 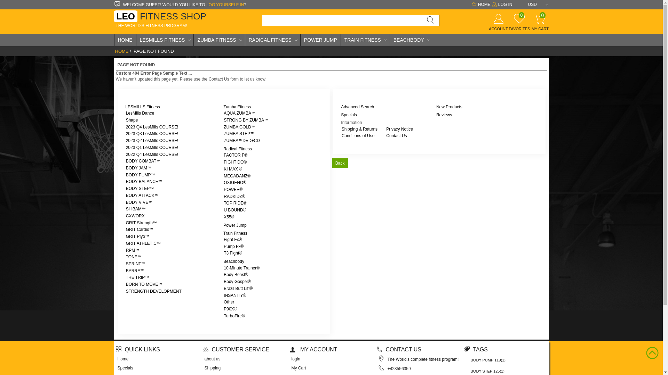 I want to click on 'Train Fitness', so click(x=235, y=233).